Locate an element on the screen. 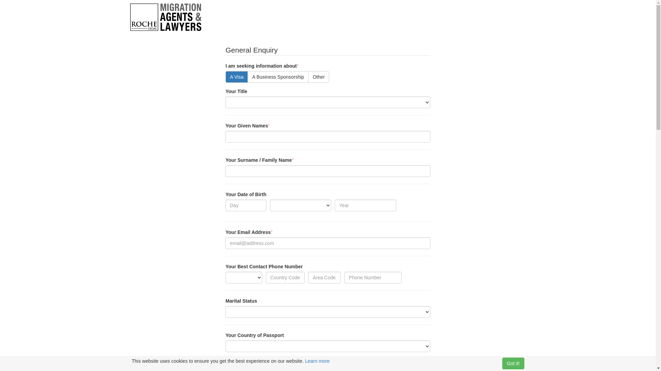 The image size is (661, 371). 'A Business Sponsorship' is located at coordinates (278, 77).